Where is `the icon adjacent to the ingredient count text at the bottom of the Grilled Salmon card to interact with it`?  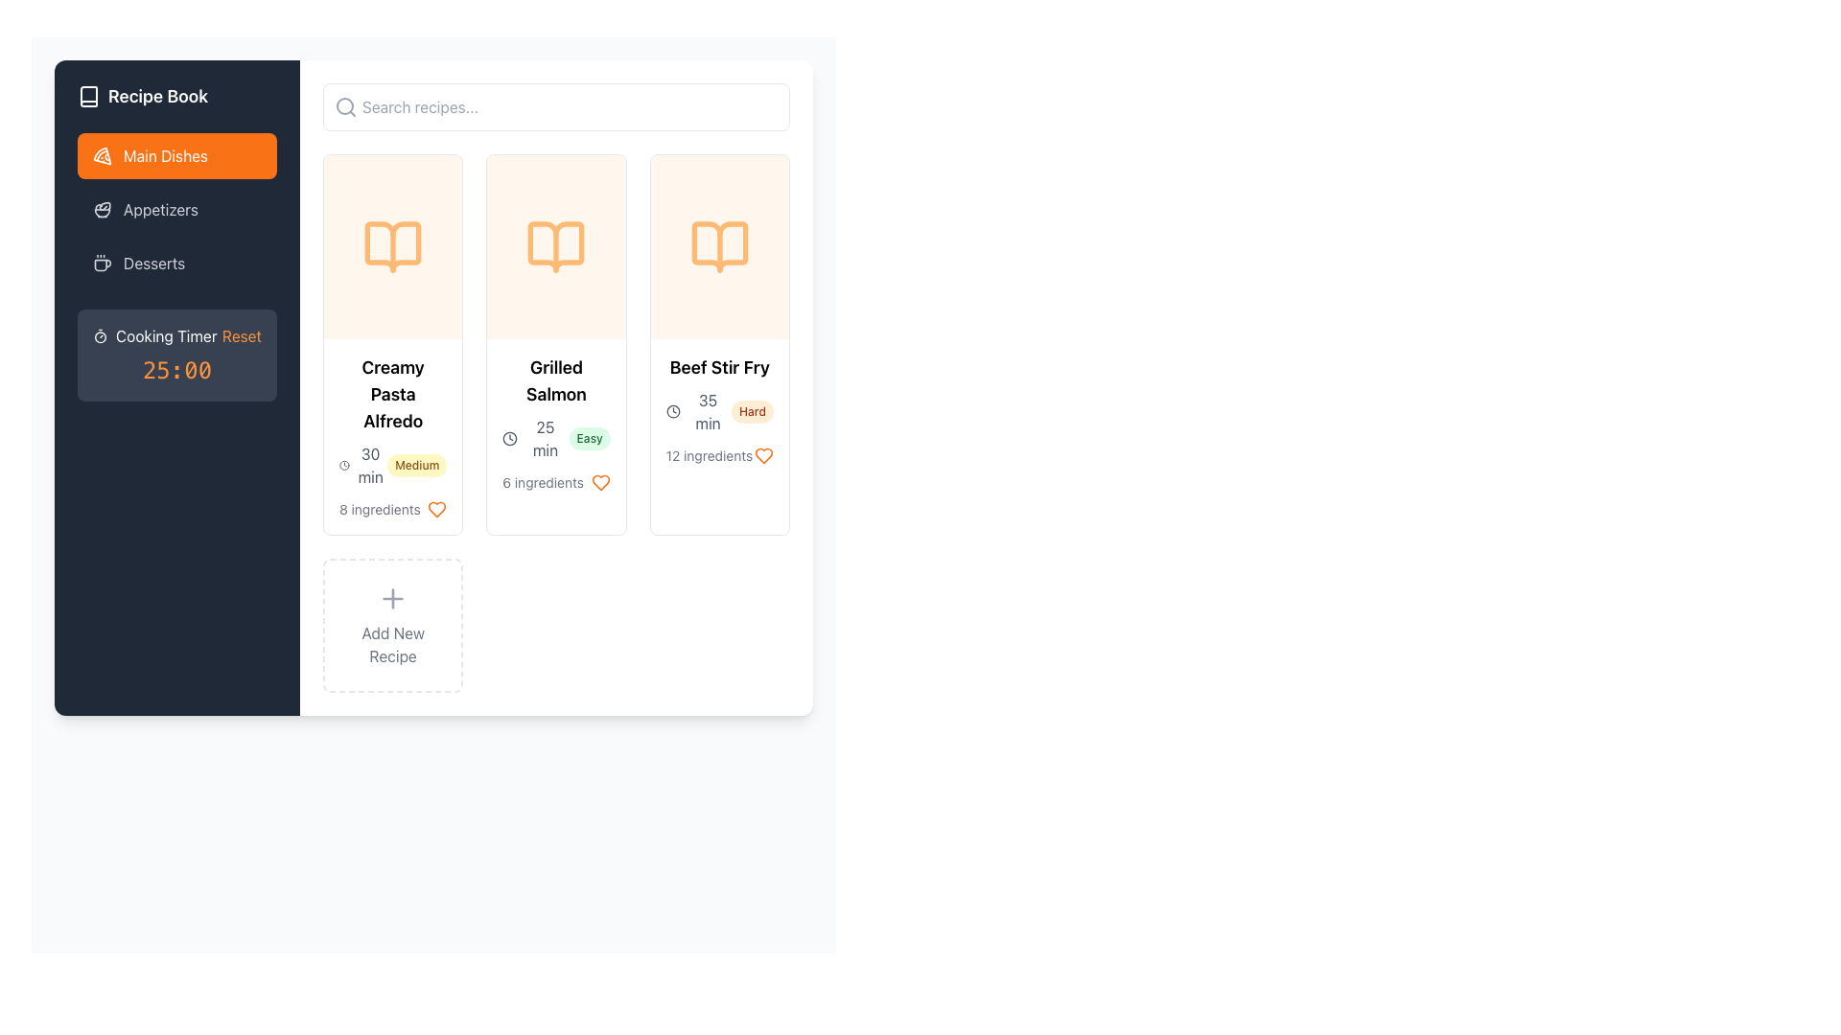
the icon adjacent to the ingredient count text at the bottom of the Grilled Salmon card to interact with it is located at coordinates (555, 482).